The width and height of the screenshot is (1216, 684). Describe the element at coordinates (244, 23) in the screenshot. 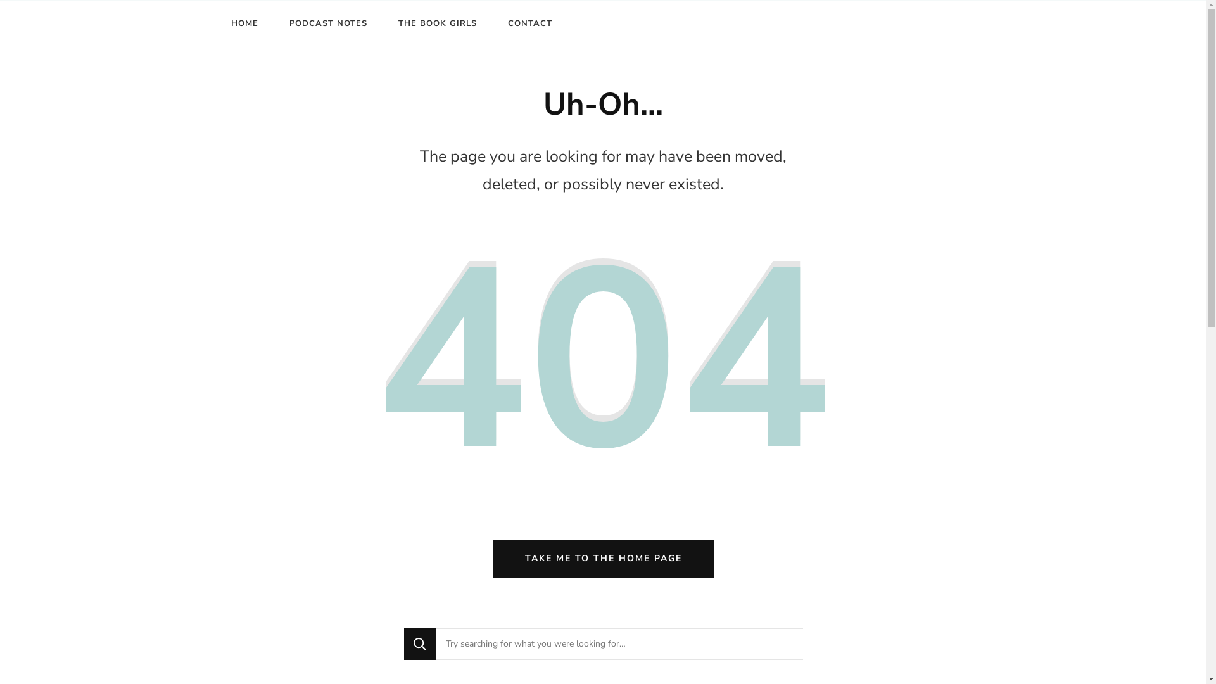

I see `'HOME'` at that location.